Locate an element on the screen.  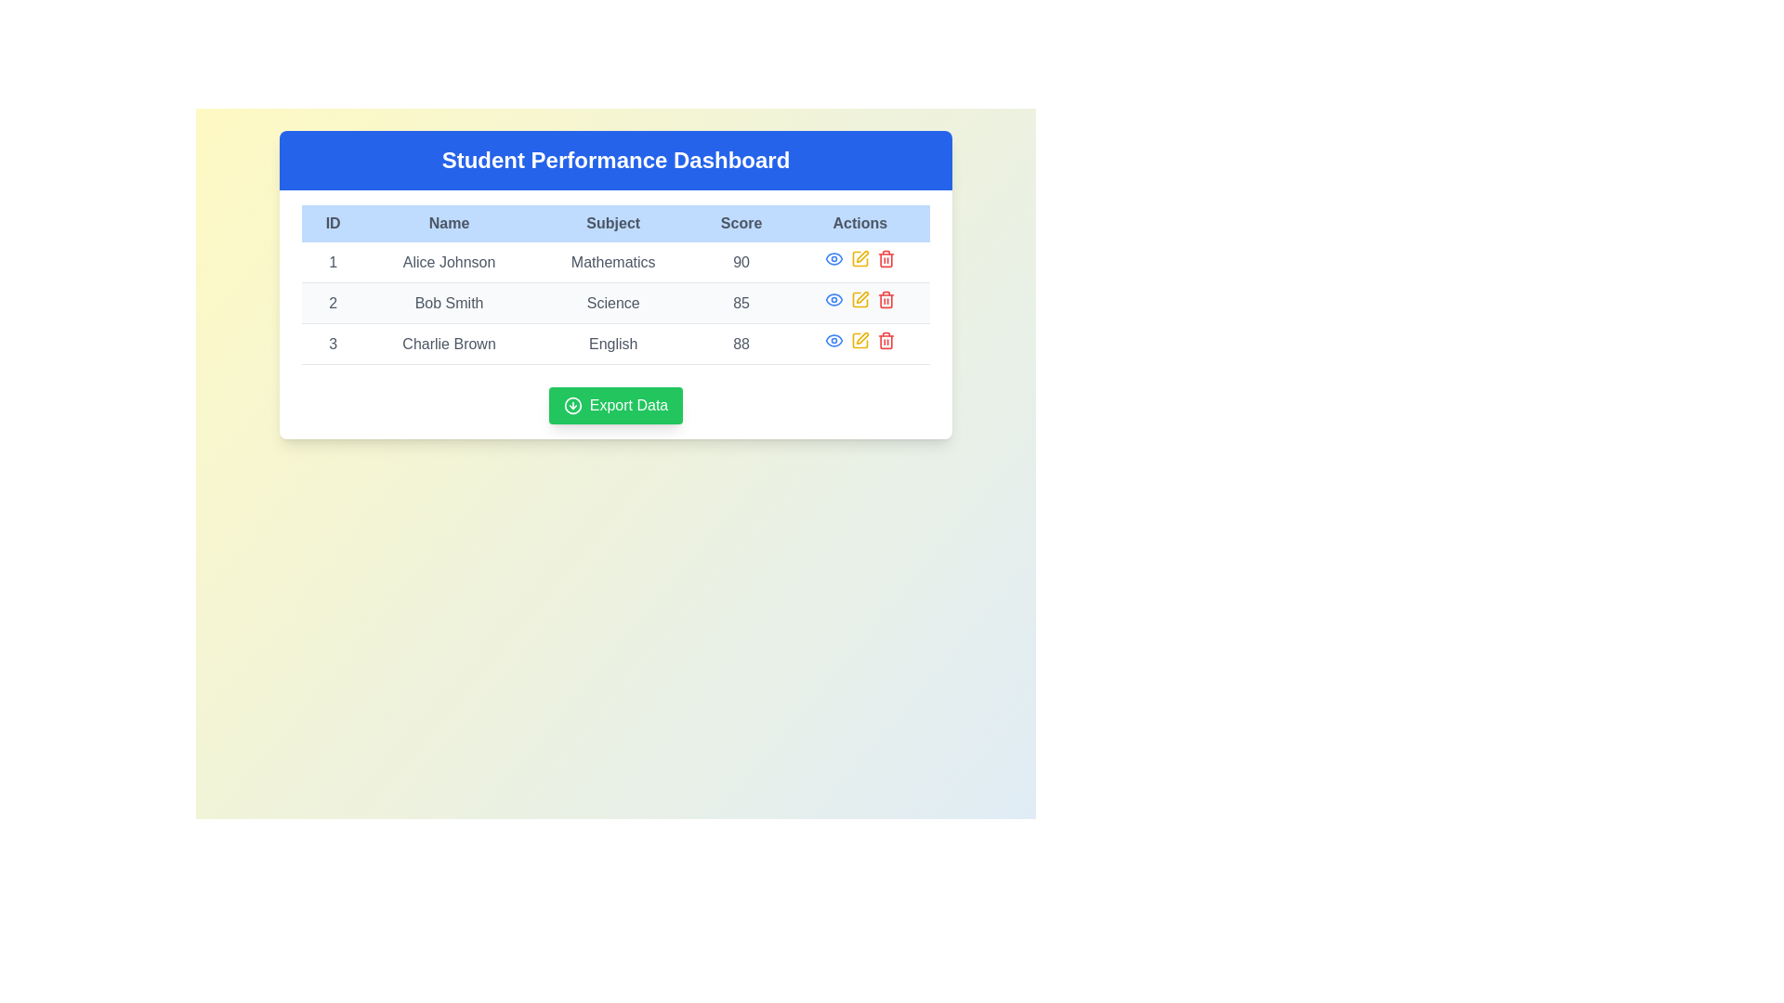
the text label displaying Bob Smith's score in Science, located in the second row under the 'Score' column is located at coordinates (741, 302).